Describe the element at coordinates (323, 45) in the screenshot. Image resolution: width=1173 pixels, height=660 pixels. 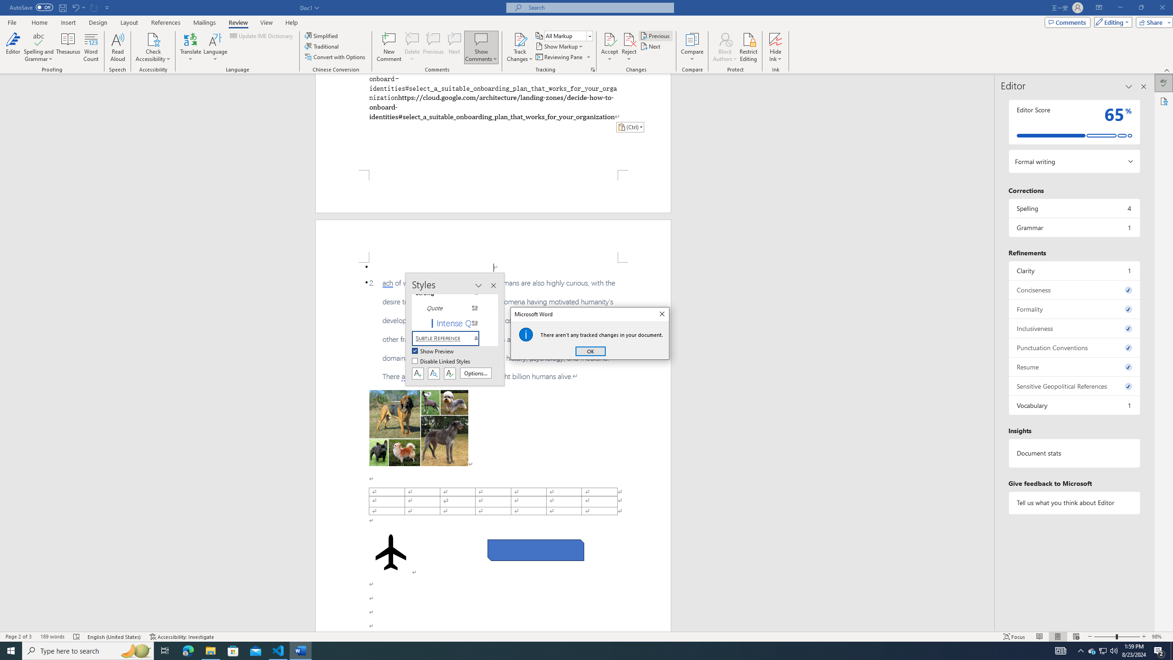
I see `'Traditional'` at that location.